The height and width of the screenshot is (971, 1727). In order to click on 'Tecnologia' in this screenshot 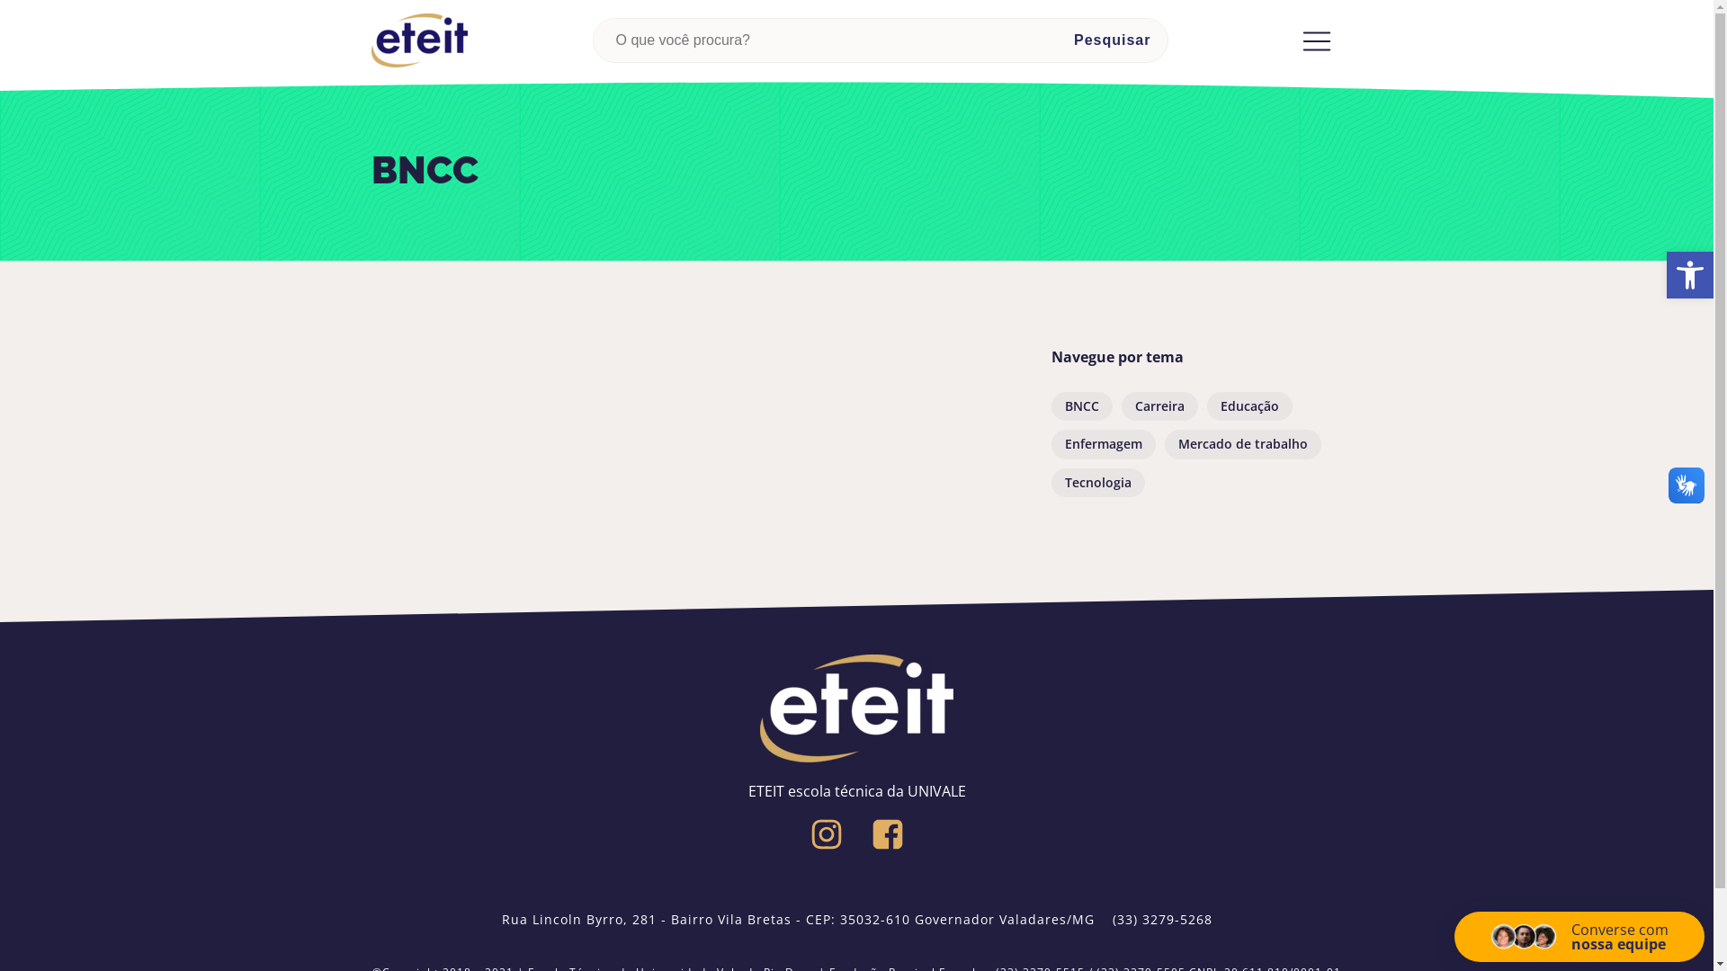, I will do `click(1050, 481)`.